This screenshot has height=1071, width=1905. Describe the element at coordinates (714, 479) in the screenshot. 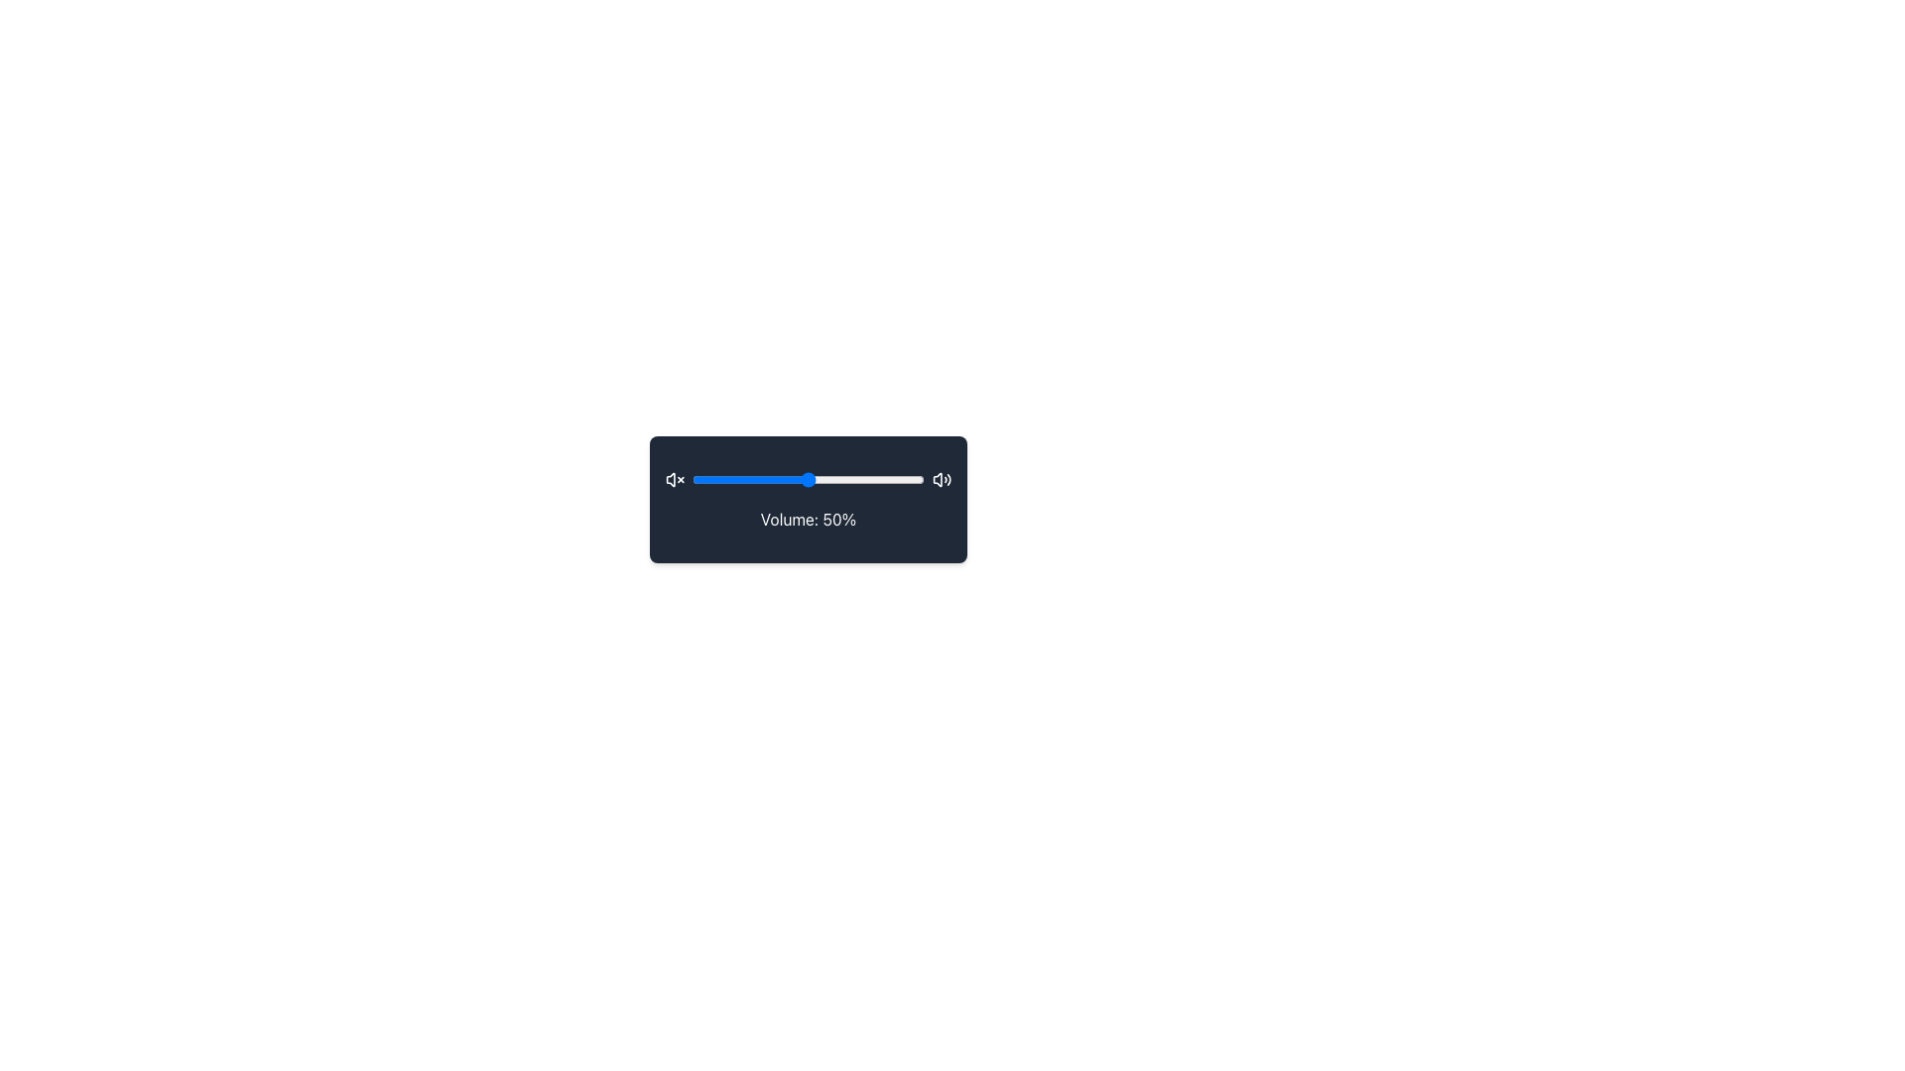

I see `the volume` at that location.